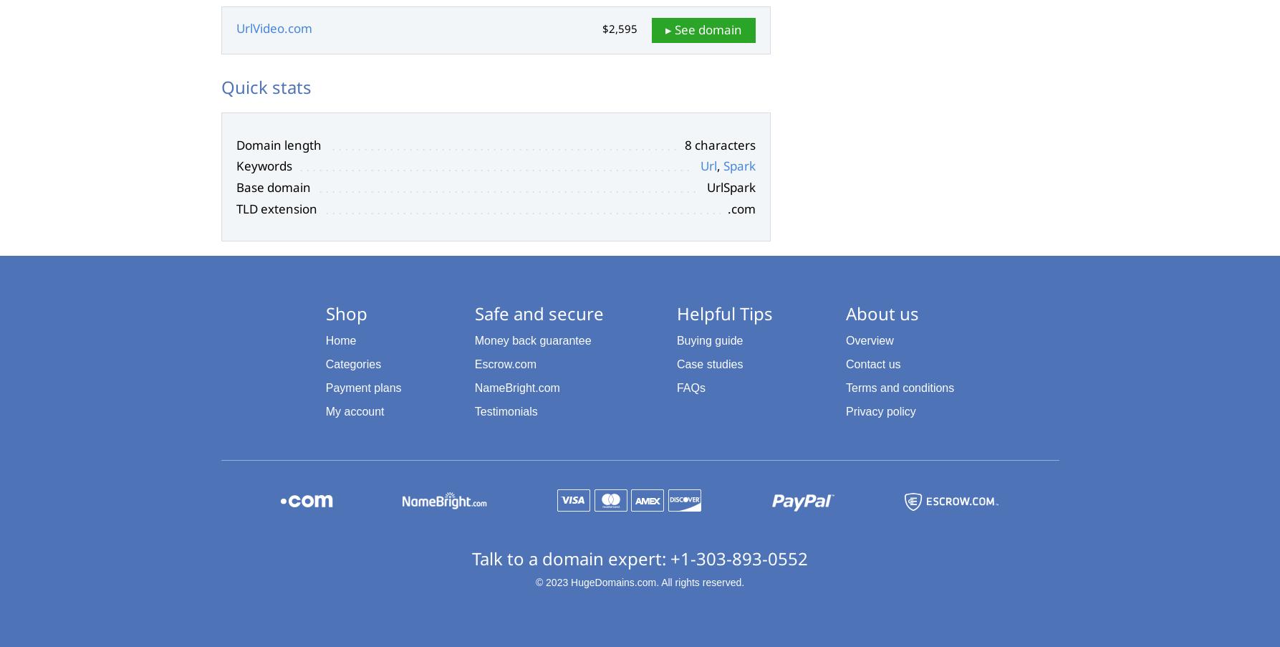  Describe the element at coordinates (278, 144) in the screenshot. I see `'Domain length'` at that location.